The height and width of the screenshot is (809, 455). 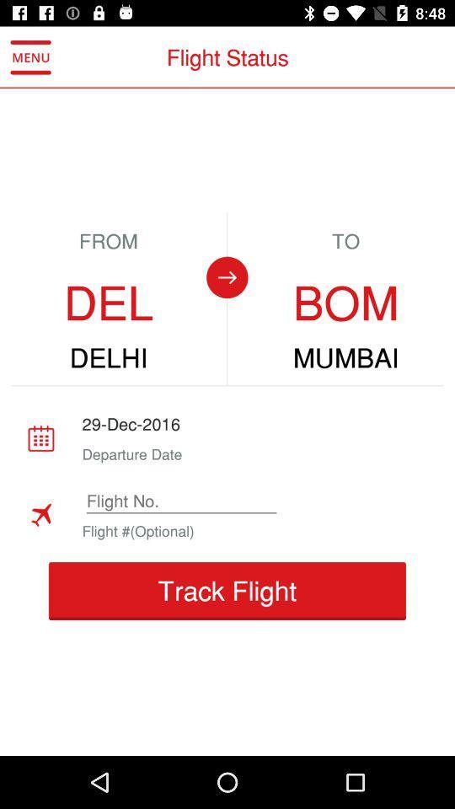 What do you see at coordinates (180, 501) in the screenshot?
I see `the item above the flight #(optional) icon` at bounding box center [180, 501].